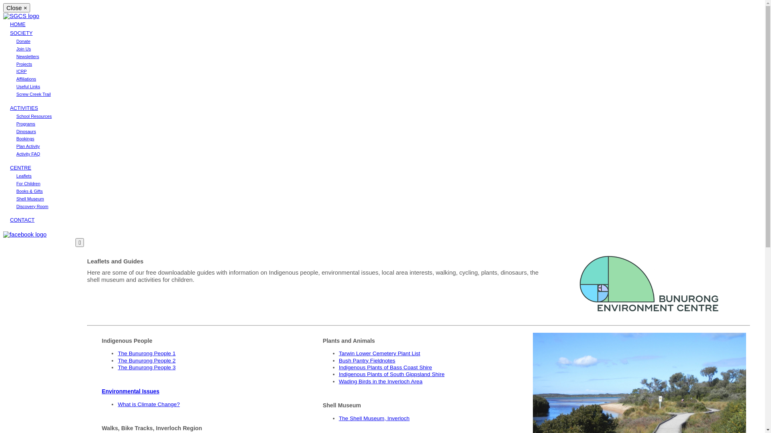 The width and height of the screenshot is (771, 433). Describe the element at coordinates (32, 206) in the screenshot. I see `'Discovery Room'` at that location.